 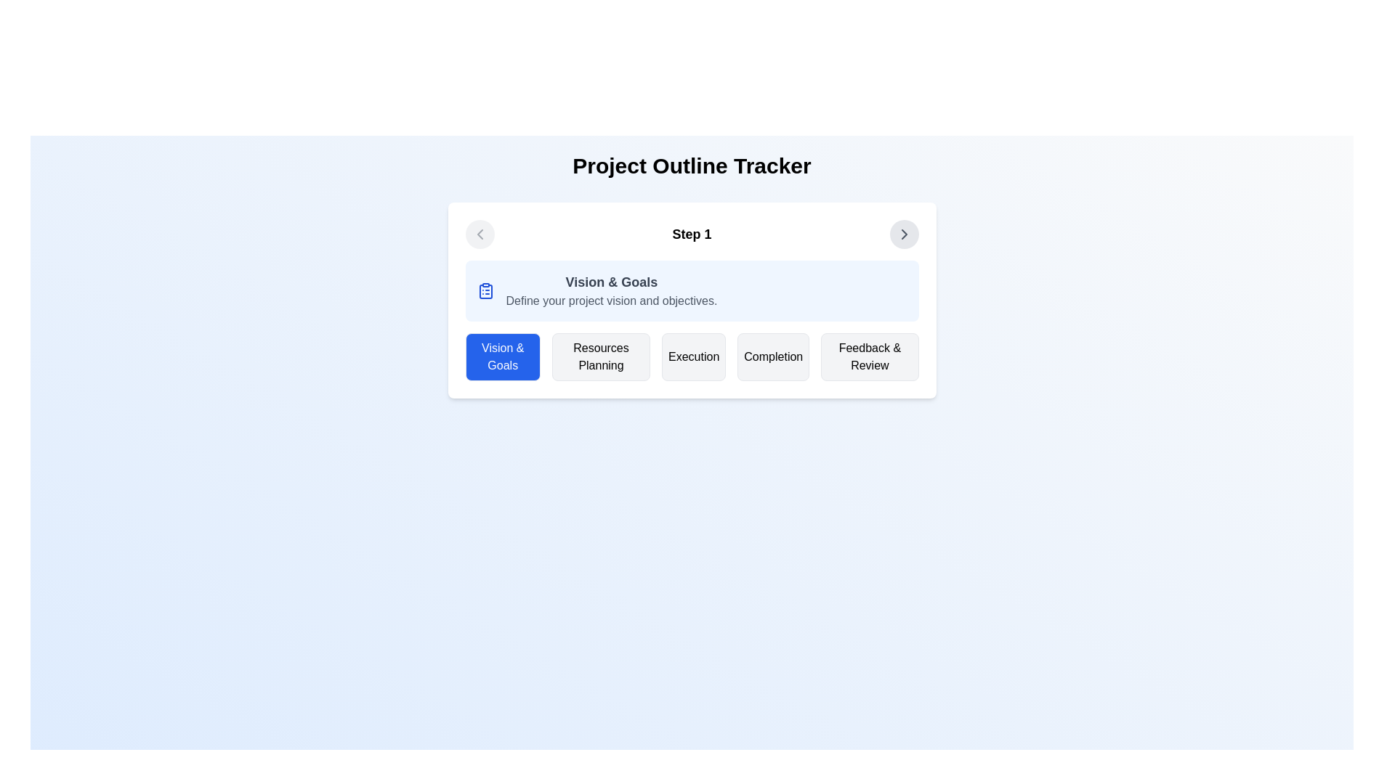 I want to click on the 'Completion' button, which is the fourth button in a horizontal row of five buttons, located to the right of the 'Execution' button and to the left of the 'Feedback & Review' button, so click(x=772, y=357).